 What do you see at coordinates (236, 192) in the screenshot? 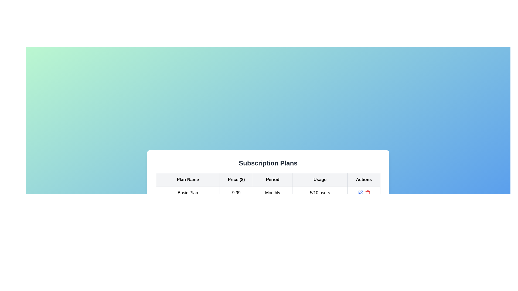
I see `the text label displaying the price for the 'Basic Plan', which is located under the 'Price ($)' column in the table structure` at bounding box center [236, 192].